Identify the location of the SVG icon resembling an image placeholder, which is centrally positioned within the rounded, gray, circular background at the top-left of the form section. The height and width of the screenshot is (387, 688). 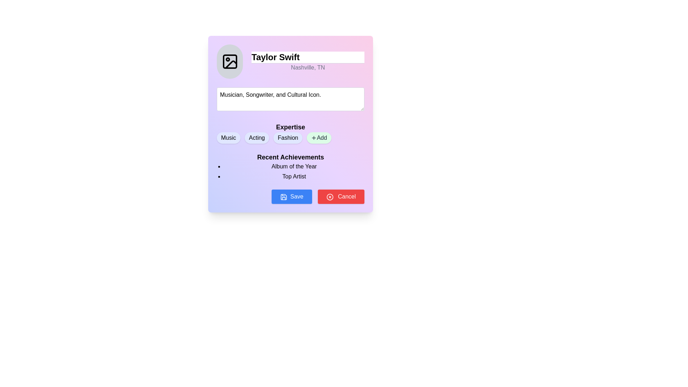
(230, 61).